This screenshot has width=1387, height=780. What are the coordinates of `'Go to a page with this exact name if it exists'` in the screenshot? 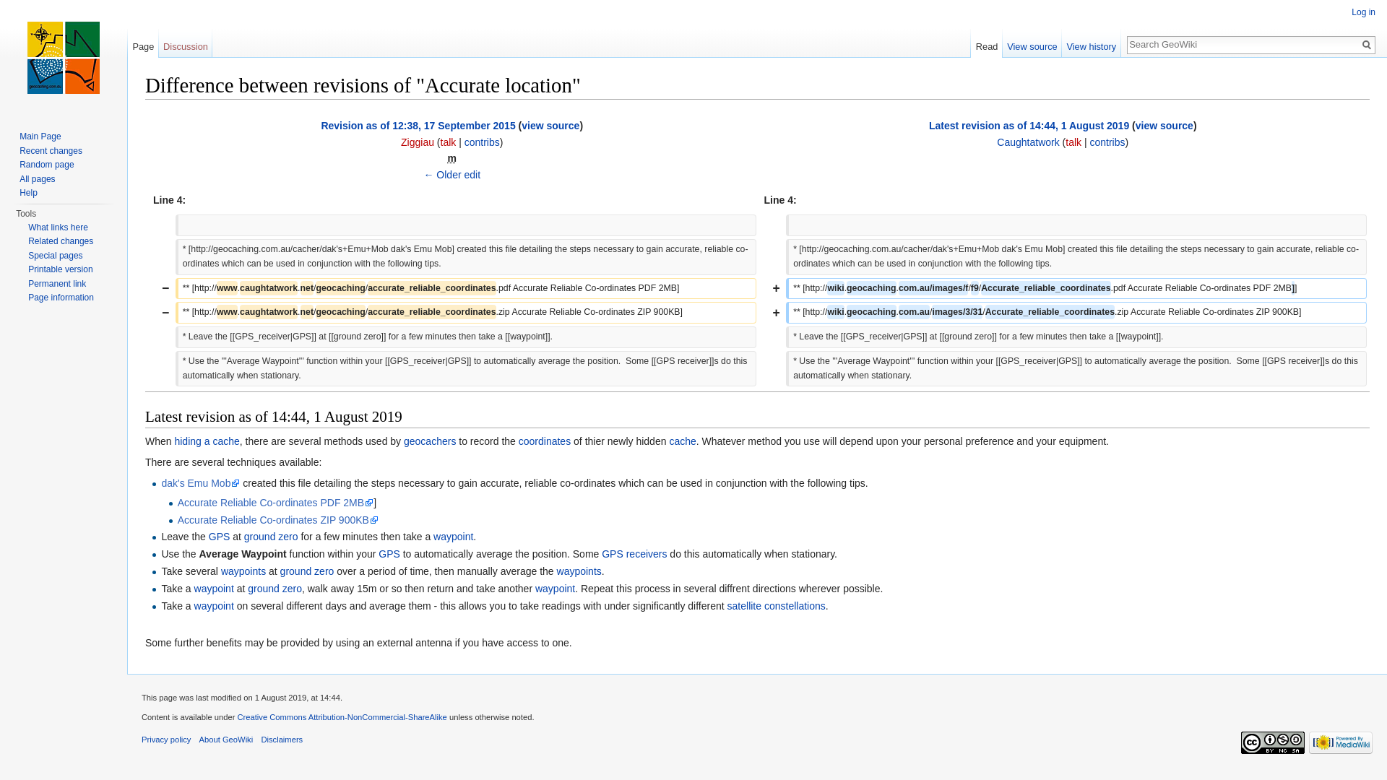 It's located at (1365, 43).